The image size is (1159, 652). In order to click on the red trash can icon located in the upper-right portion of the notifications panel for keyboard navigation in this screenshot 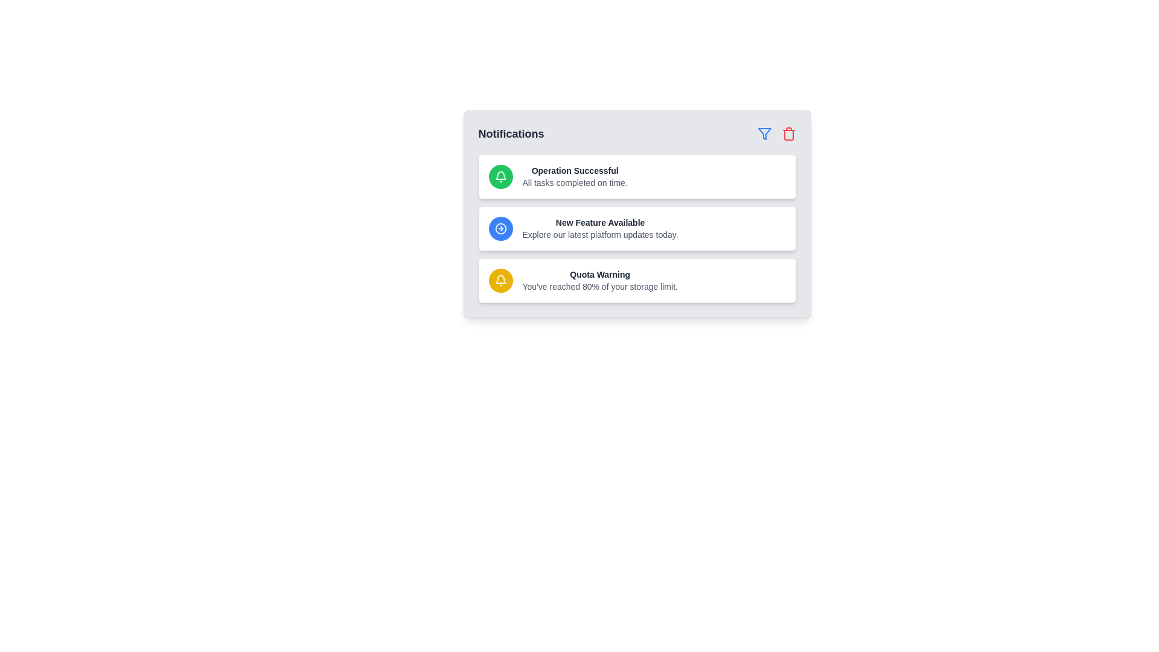, I will do `click(788, 135)`.